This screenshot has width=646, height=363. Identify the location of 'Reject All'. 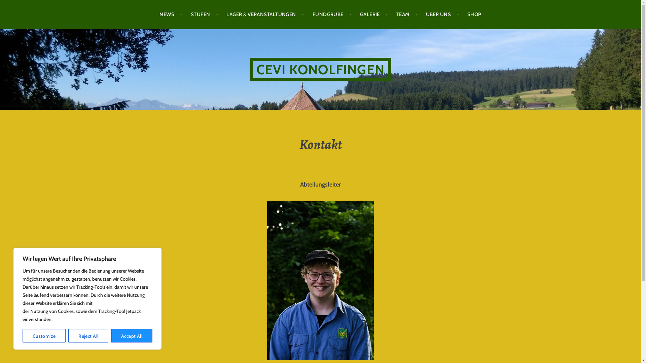
(68, 335).